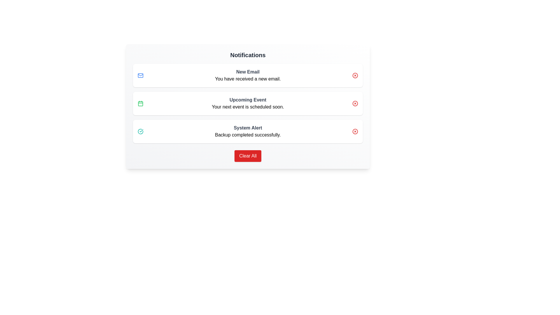 The height and width of the screenshot is (315, 560). I want to click on the email notification icon, which is part of the envelope icon adjacent to the 'New Email' label in the topmost notification block, so click(140, 75).